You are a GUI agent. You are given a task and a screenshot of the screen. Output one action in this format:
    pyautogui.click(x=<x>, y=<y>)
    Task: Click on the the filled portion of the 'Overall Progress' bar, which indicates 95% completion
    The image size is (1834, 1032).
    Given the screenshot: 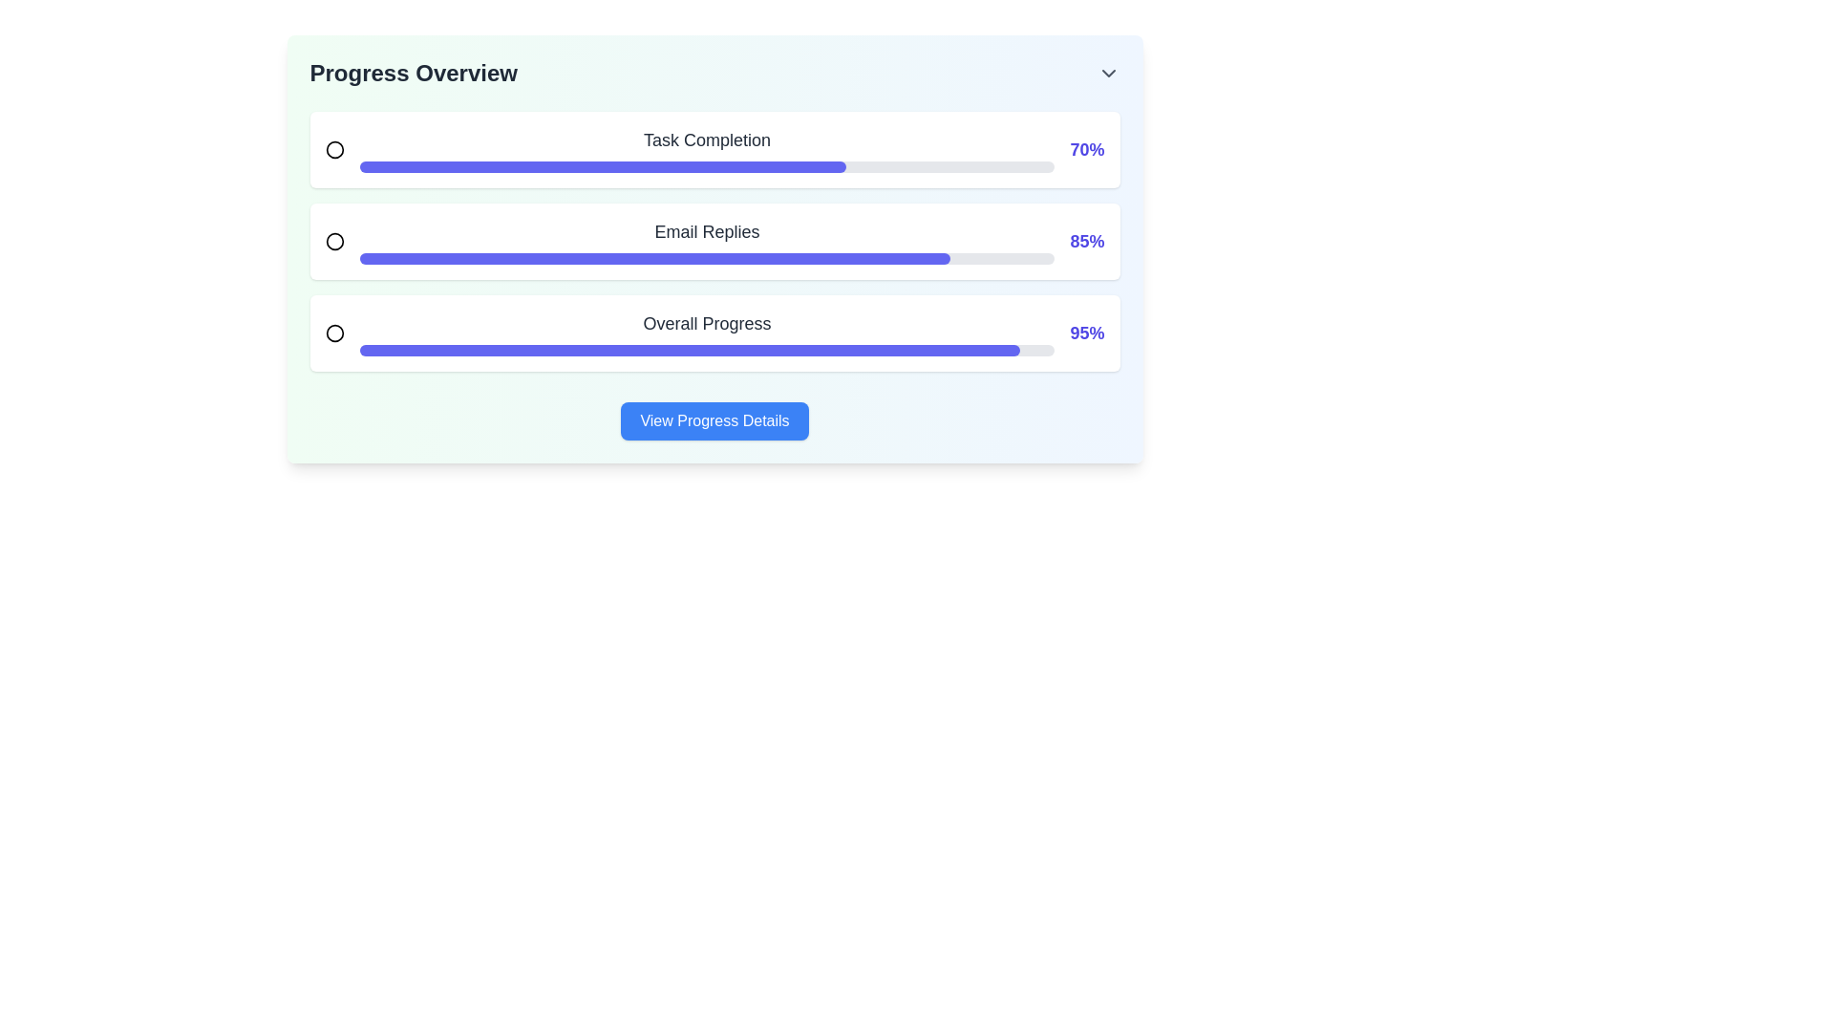 What is the action you would take?
    pyautogui.click(x=689, y=350)
    